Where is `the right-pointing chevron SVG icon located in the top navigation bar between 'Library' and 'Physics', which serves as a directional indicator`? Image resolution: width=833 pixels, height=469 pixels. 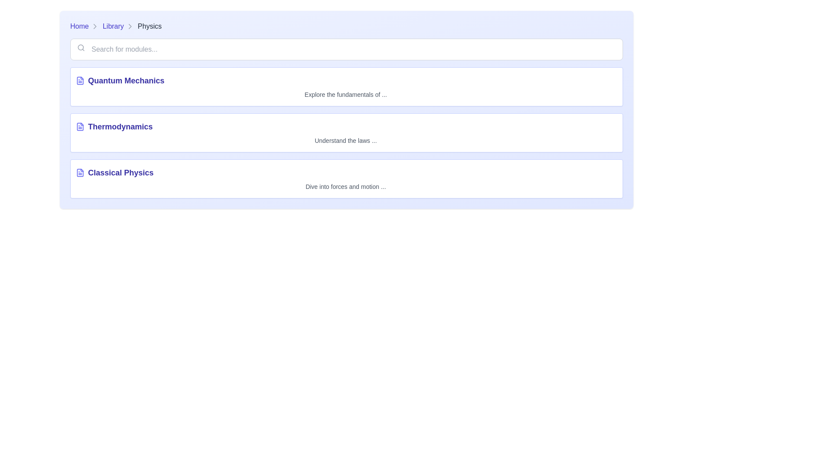
the right-pointing chevron SVG icon located in the top navigation bar between 'Library' and 'Physics', which serves as a directional indicator is located at coordinates (129, 26).